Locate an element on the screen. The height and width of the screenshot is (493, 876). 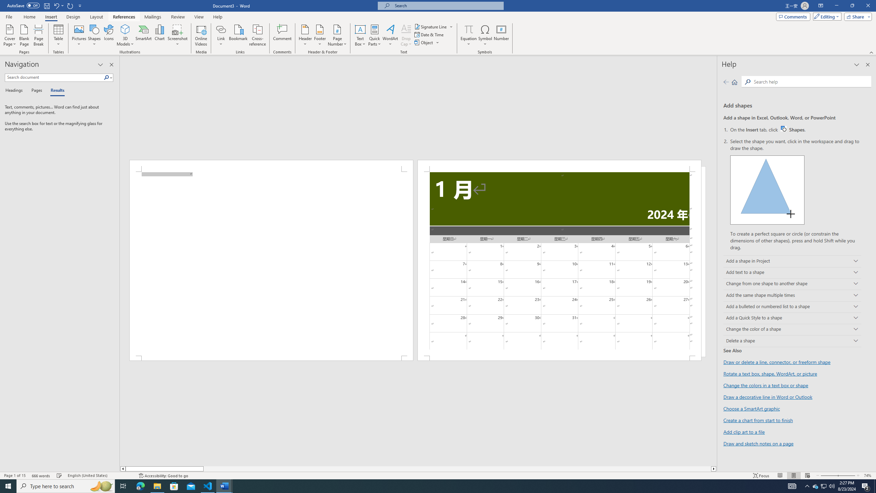
'Quick Parts' is located at coordinates (374, 35).